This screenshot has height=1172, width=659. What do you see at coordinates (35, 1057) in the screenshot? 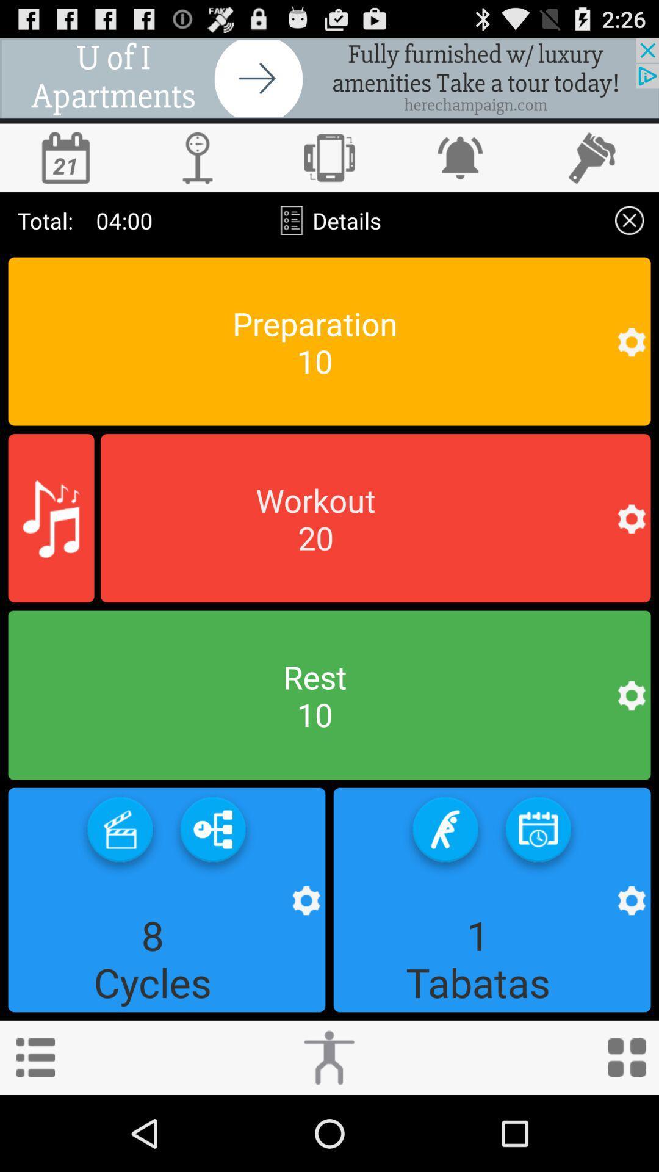
I see `menu option` at bounding box center [35, 1057].